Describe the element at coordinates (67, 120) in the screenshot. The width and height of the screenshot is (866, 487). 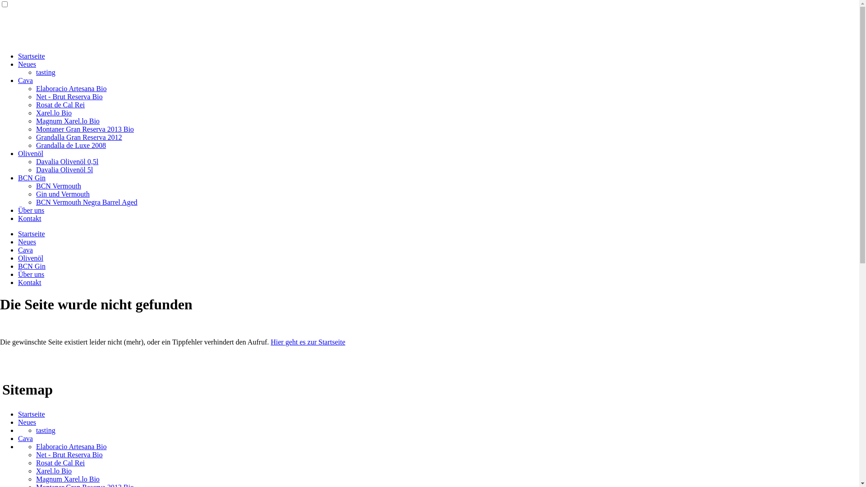
I see `'Magnum Xarel.lo Bio'` at that location.